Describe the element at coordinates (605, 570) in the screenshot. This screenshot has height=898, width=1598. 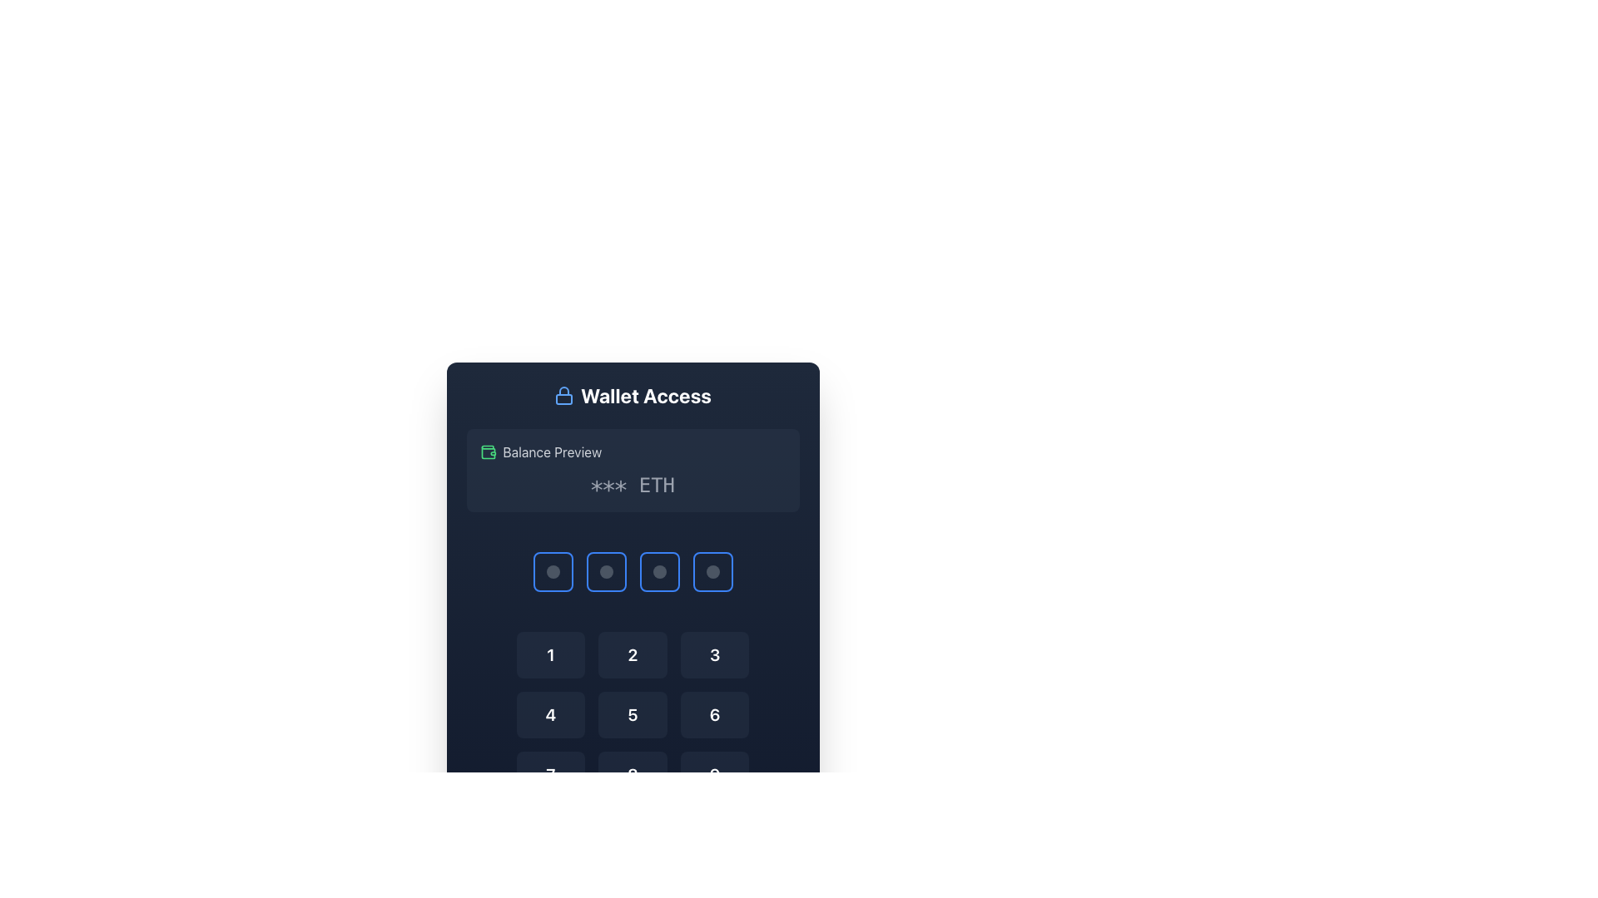
I see `the second circular icon in a row of four icons, located above the numeric keypad and below the 'Balance Preview' text field` at that location.